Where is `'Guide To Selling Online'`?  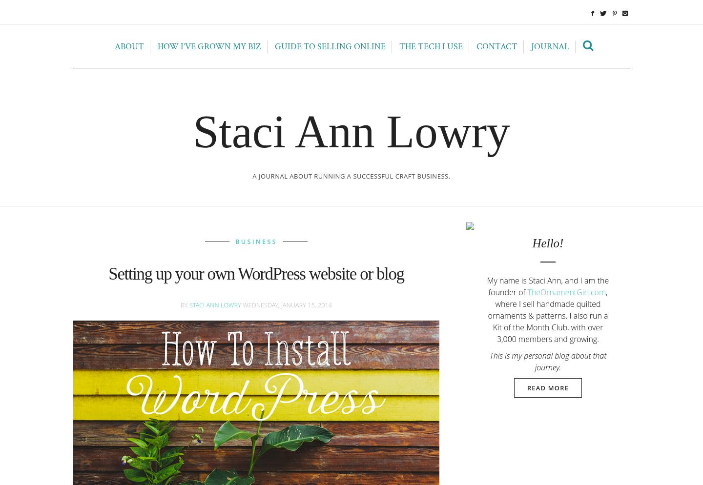
'Guide To Selling Online' is located at coordinates (330, 46).